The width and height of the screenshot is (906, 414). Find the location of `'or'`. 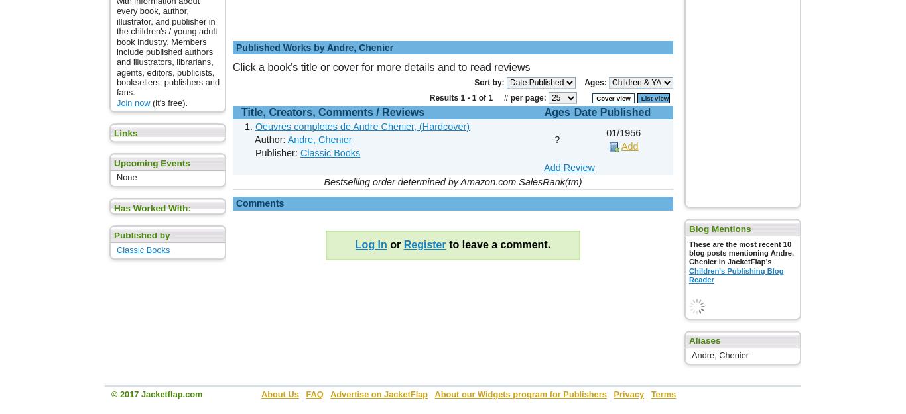

'or' is located at coordinates (394, 244).